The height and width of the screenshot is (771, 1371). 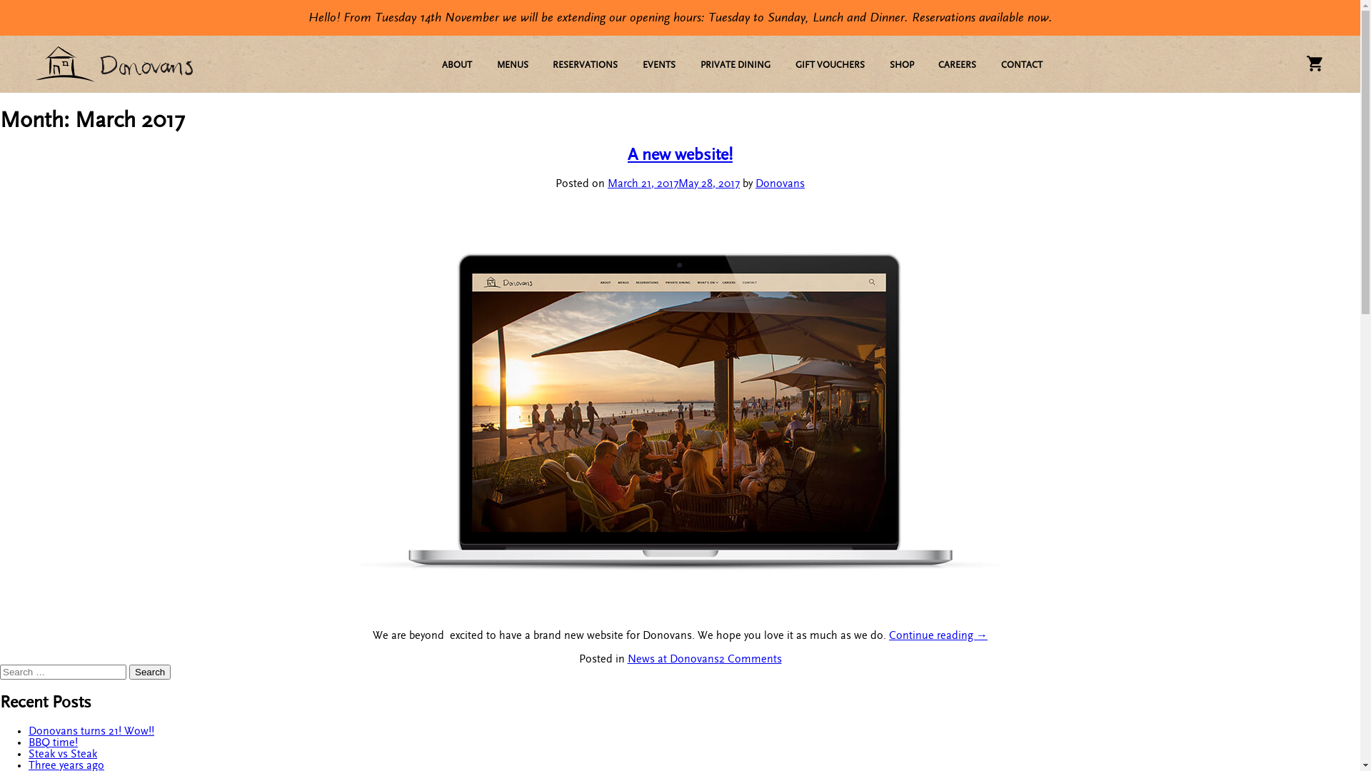 What do you see at coordinates (150, 672) in the screenshot?
I see `'Search'` at bounding box center [150, 672].